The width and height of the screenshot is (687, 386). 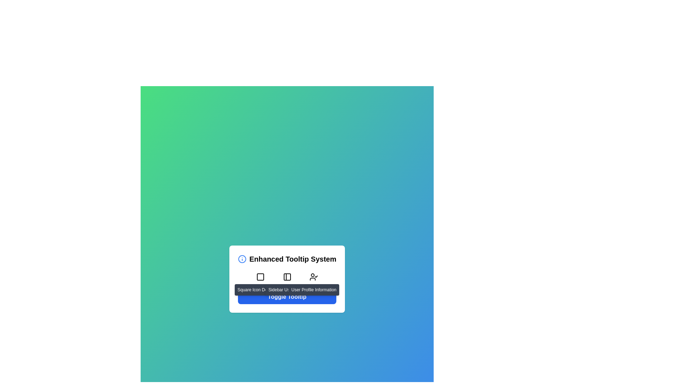 What do you see at coordinates (314, 289) in the screenshot?
I see `information displayed in the tooltip with the text 'User Profile Information', which has a dark gray background and white text, positioned below the user profile icon` at bounding box center [314, 289].